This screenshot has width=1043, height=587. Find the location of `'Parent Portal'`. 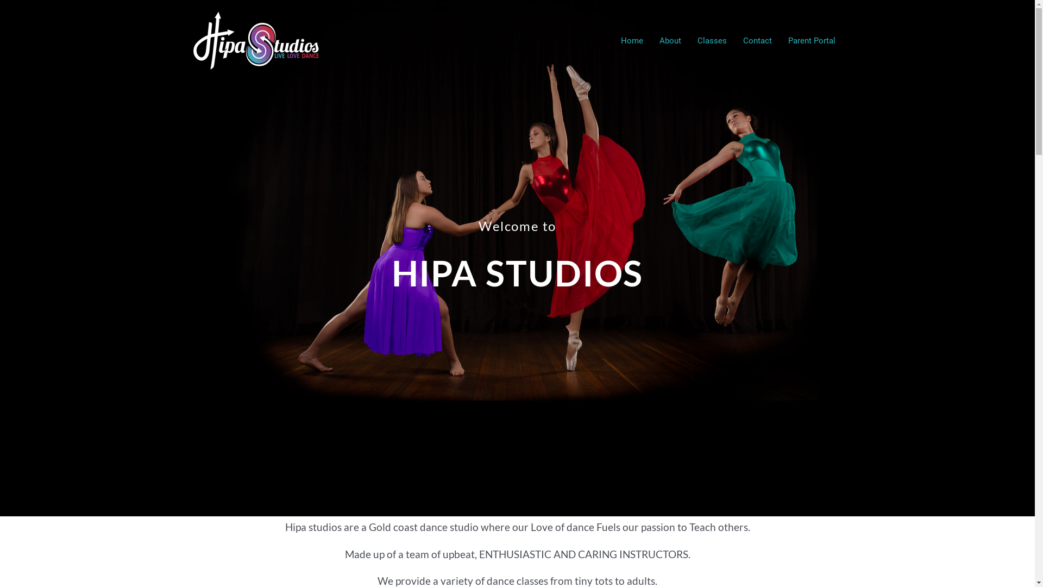

'Parent Portal' is located at coordinates (779, 40).